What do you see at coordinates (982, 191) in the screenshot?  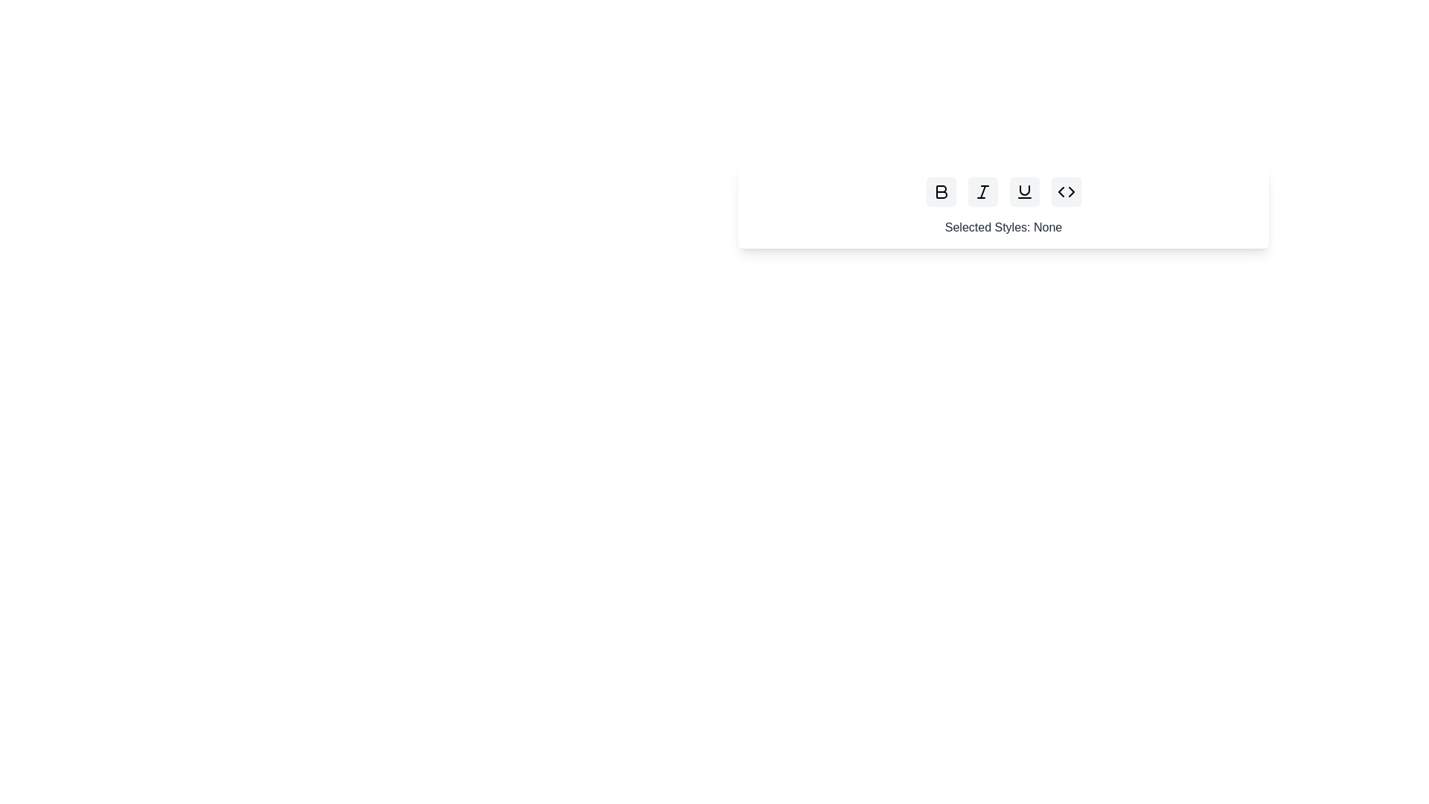 I see `the Italic button to toggle the Italic style` at bounding box center [982, 191].